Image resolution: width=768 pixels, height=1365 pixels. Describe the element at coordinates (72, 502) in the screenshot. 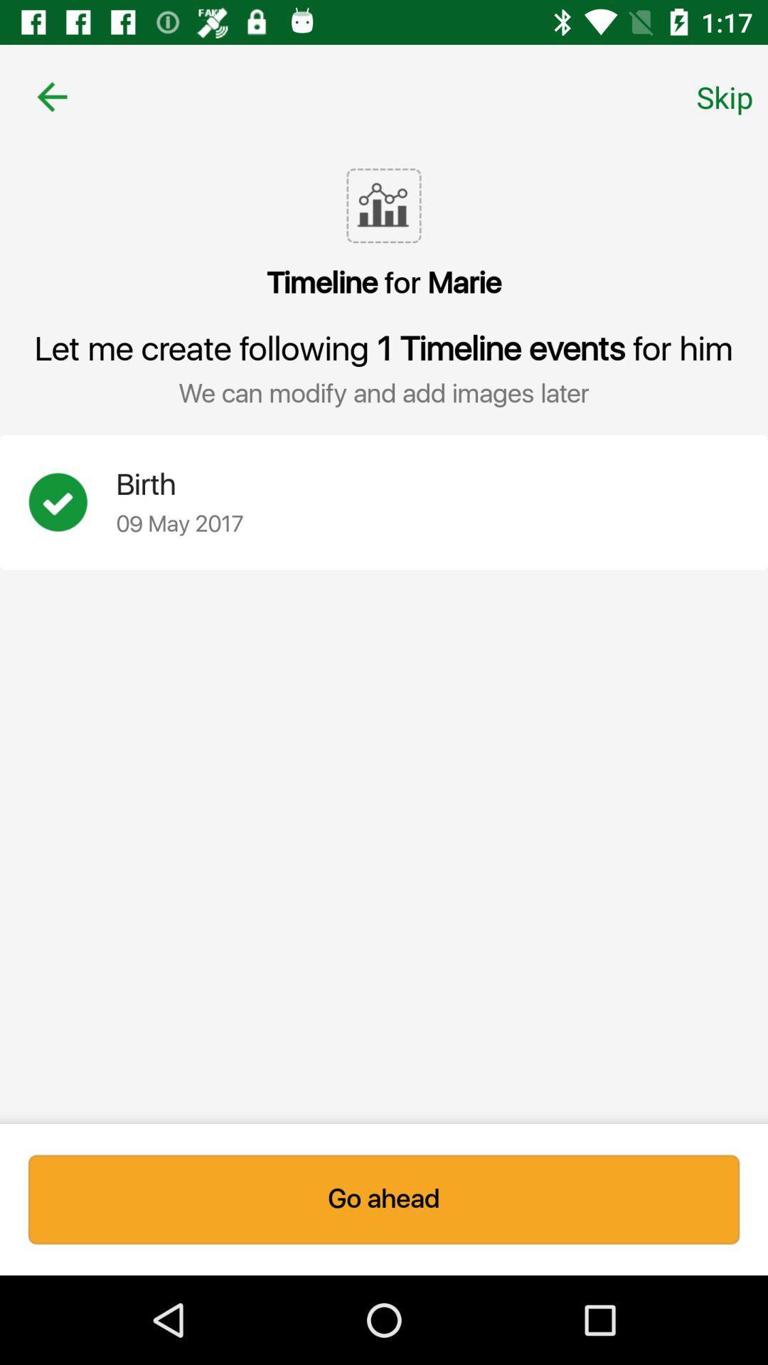

I see `icon to the left of birth` at that location.